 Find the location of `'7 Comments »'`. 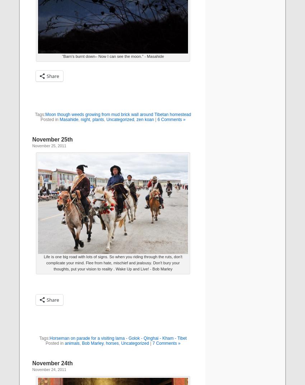

'7 Comments »' is located at coordinates (165, 343).